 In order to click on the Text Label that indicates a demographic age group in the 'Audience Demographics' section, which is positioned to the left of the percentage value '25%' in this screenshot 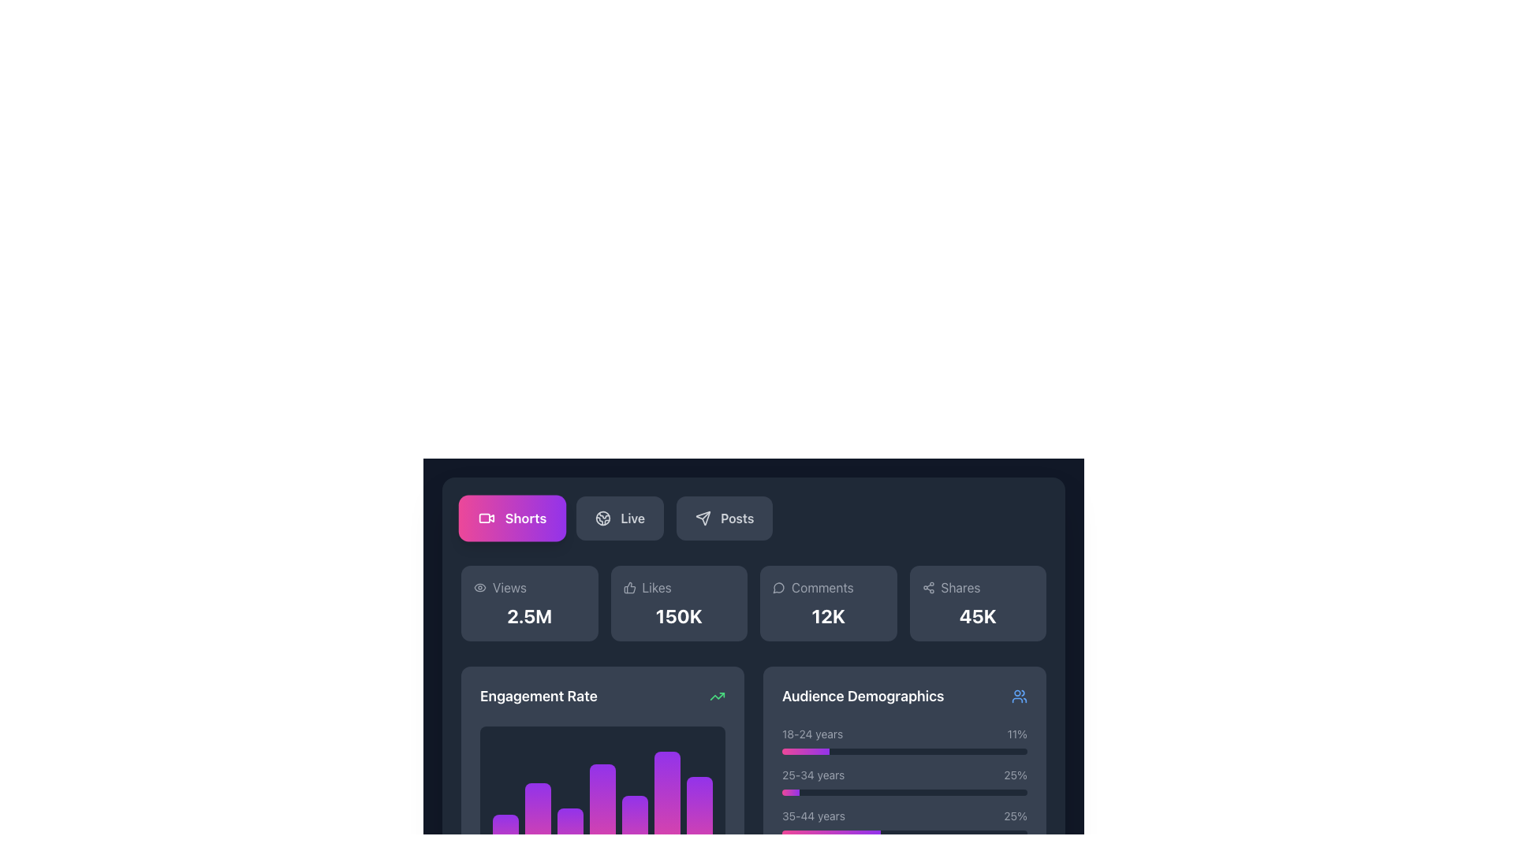, I will do `click(813, 774)`.